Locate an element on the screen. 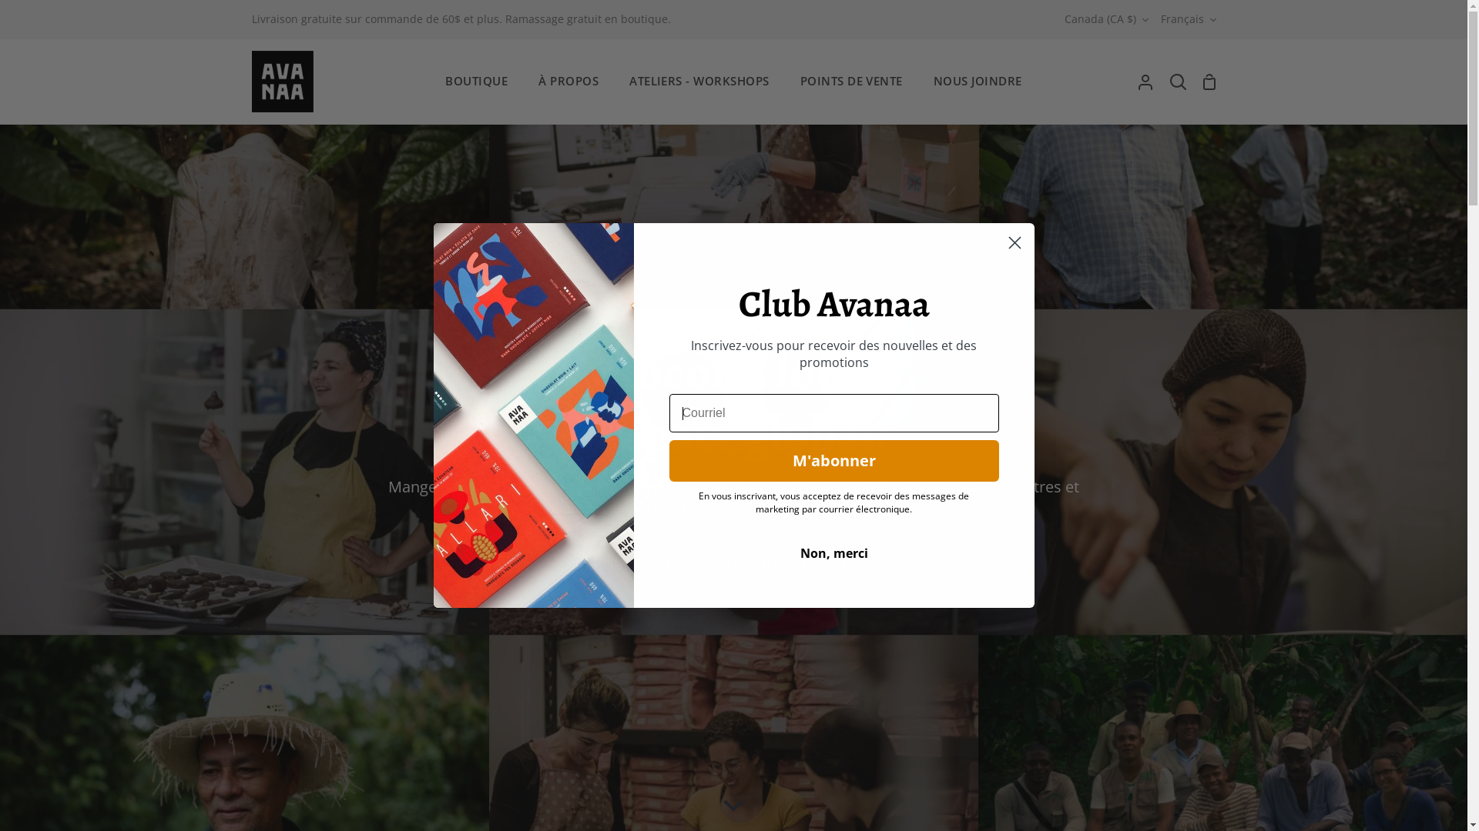 This screenshot has width=1479, height=831. 'Submit' is located at coordinates (33, 18).